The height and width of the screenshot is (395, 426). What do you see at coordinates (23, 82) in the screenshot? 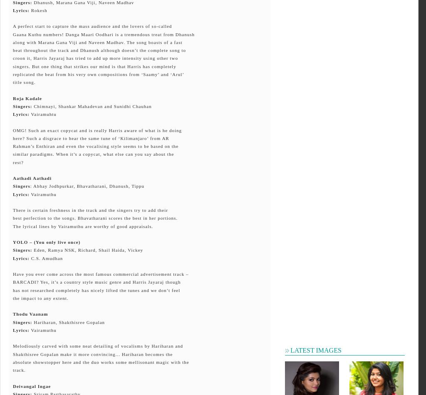
I see `'title song.'` at bounding box center [23, 82].